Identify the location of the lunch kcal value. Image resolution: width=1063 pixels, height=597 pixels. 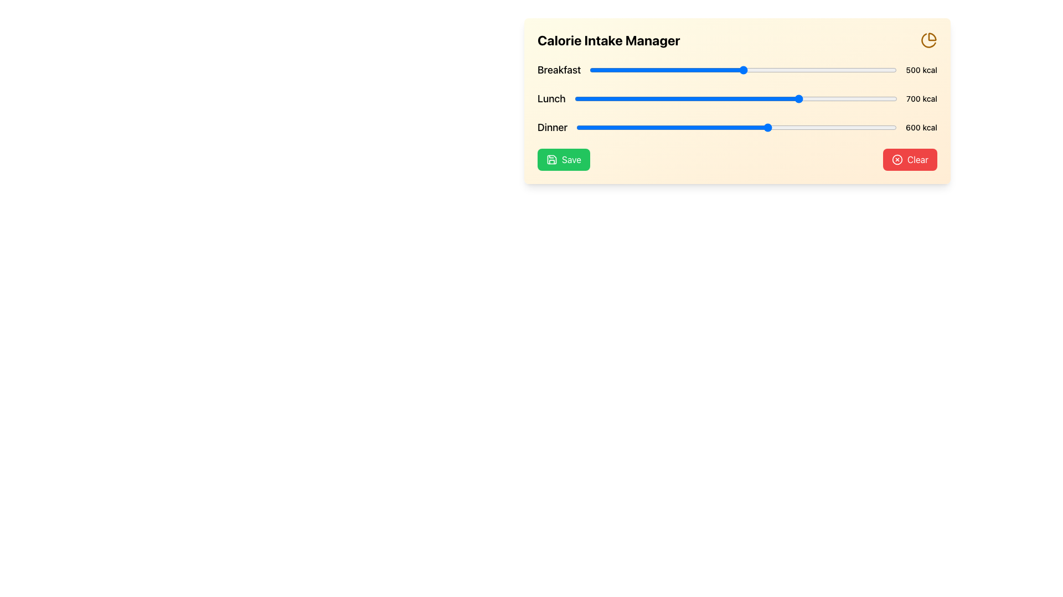
(886, 98).